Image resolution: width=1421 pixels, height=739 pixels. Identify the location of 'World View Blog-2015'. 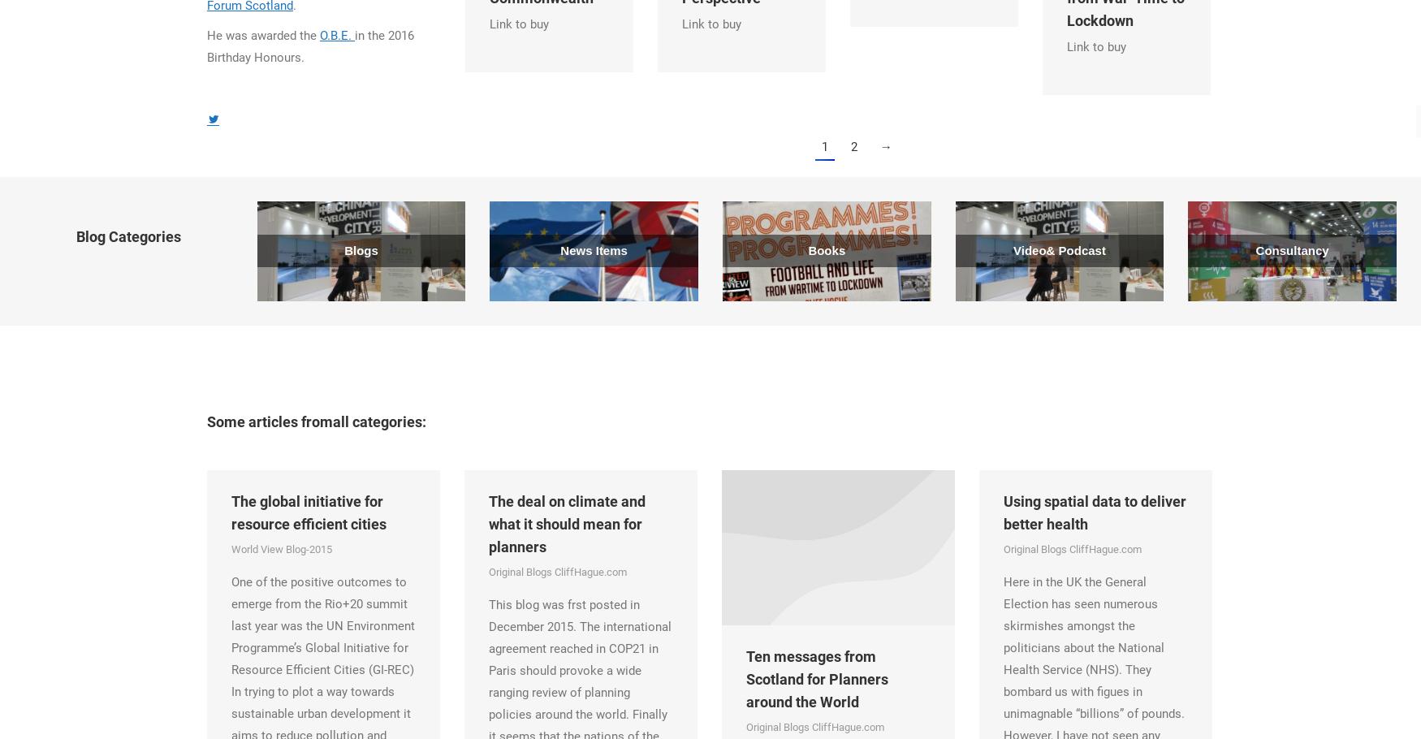
(282, 547).